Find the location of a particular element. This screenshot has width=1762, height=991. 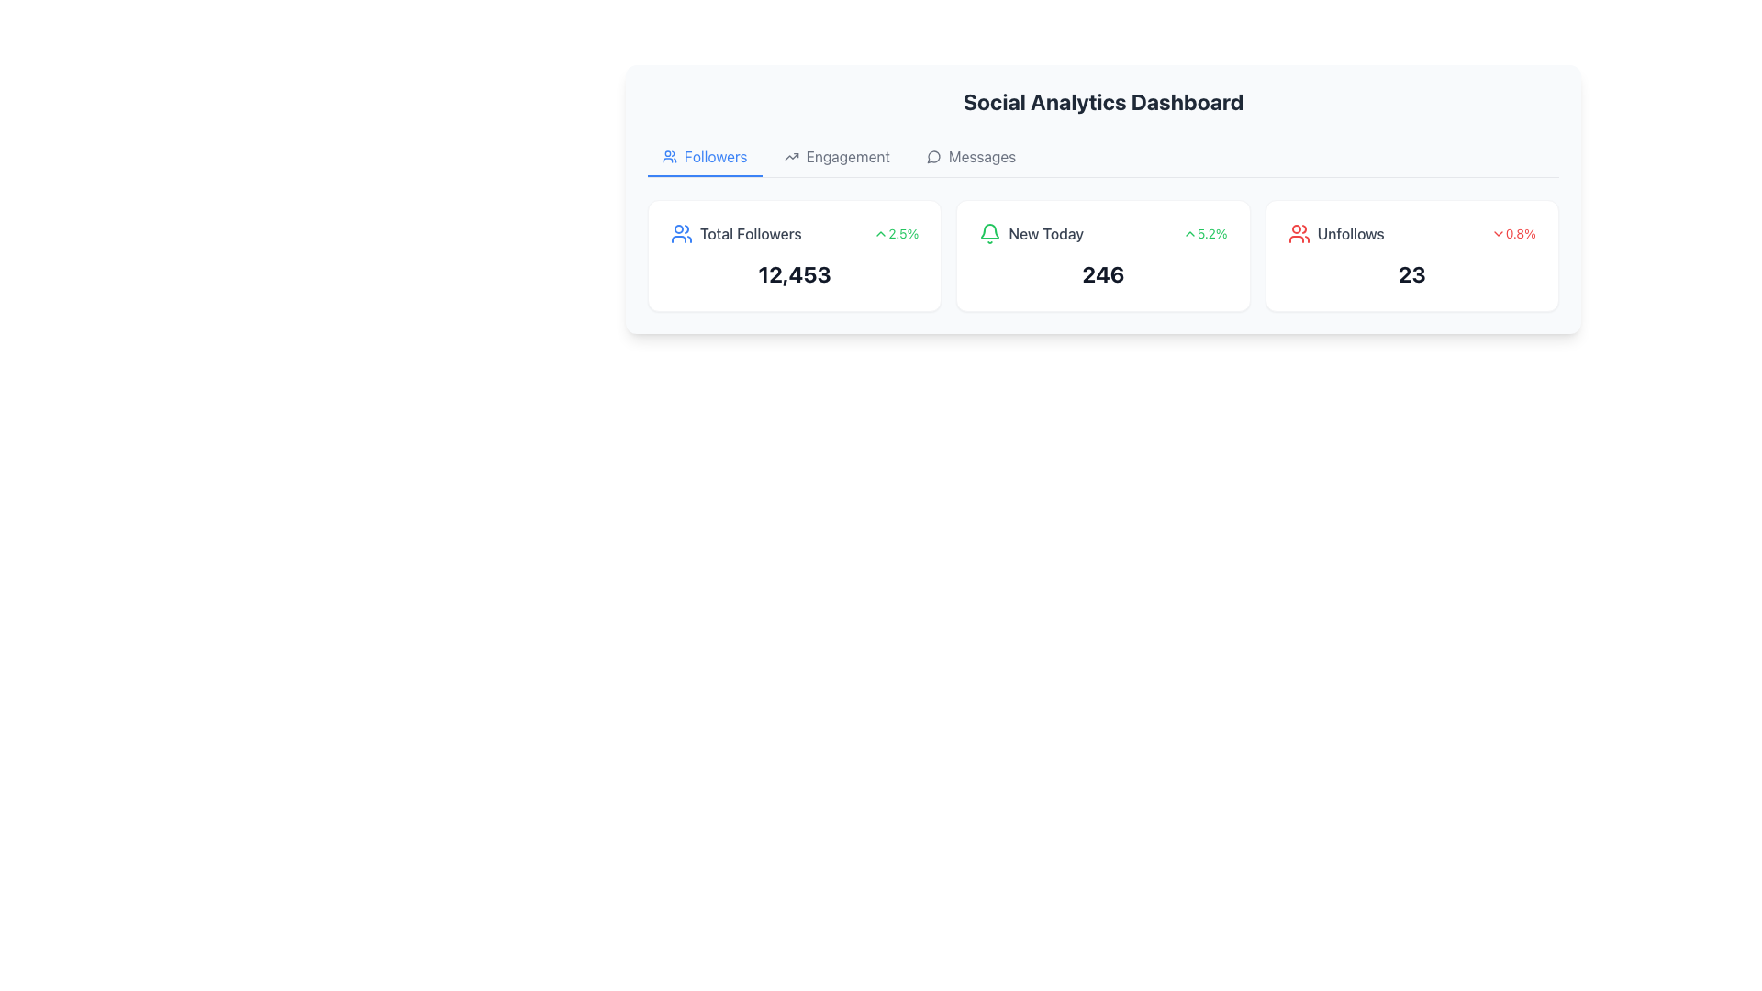

the icon representing multiple users, which is the leftmost element of the 'Followers' tab is located at coordinates (668, 155).